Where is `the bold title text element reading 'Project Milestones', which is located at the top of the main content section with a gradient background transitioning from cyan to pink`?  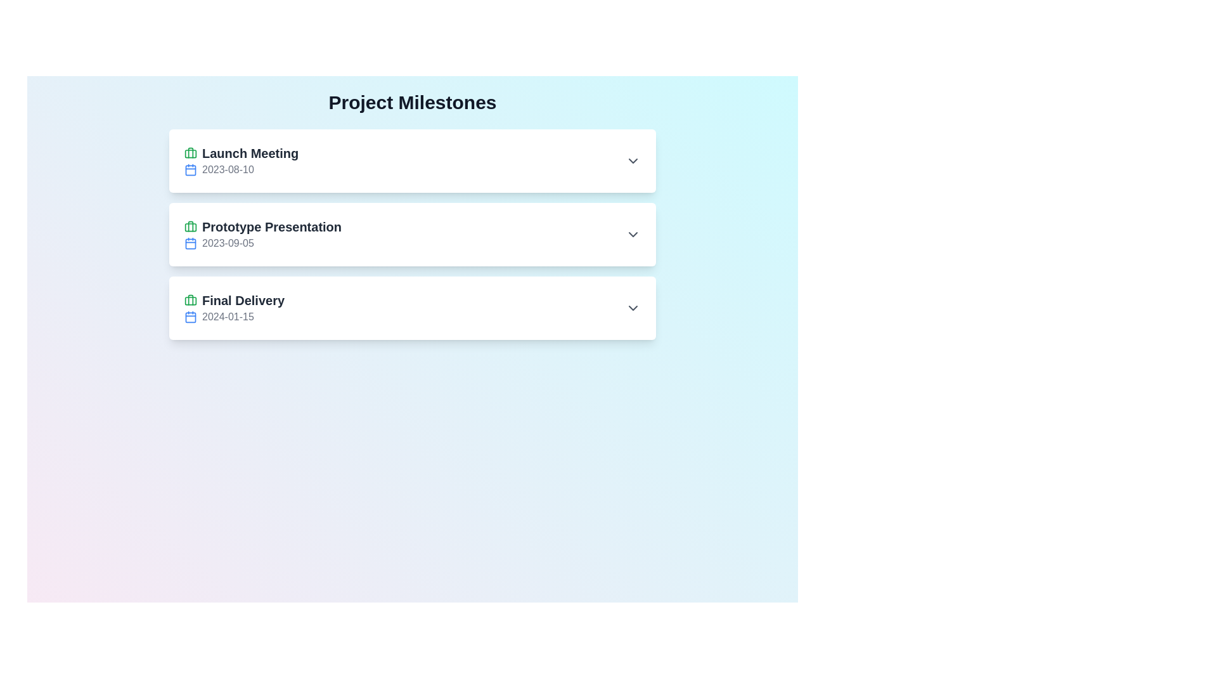 the bold title text element reading 'Project Milestones', which is located at the top of the main content section with a gradient background transitioning from cyan to pink is located at coordinates (413, 102).